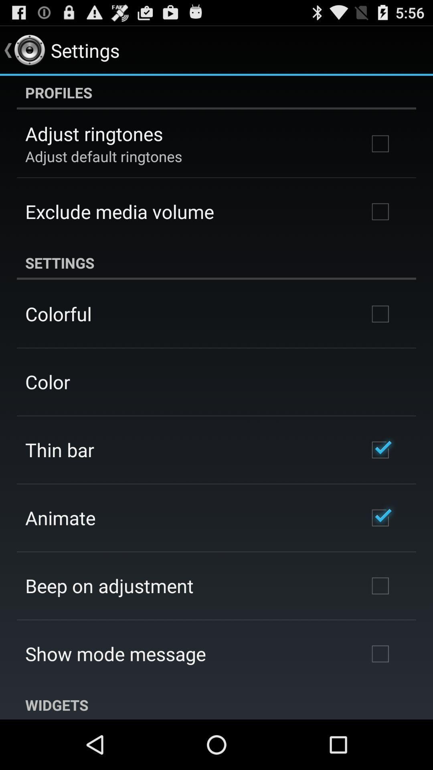 This screenshot has width=433, height=770. I want to click on app at the top, so click(216, 92).